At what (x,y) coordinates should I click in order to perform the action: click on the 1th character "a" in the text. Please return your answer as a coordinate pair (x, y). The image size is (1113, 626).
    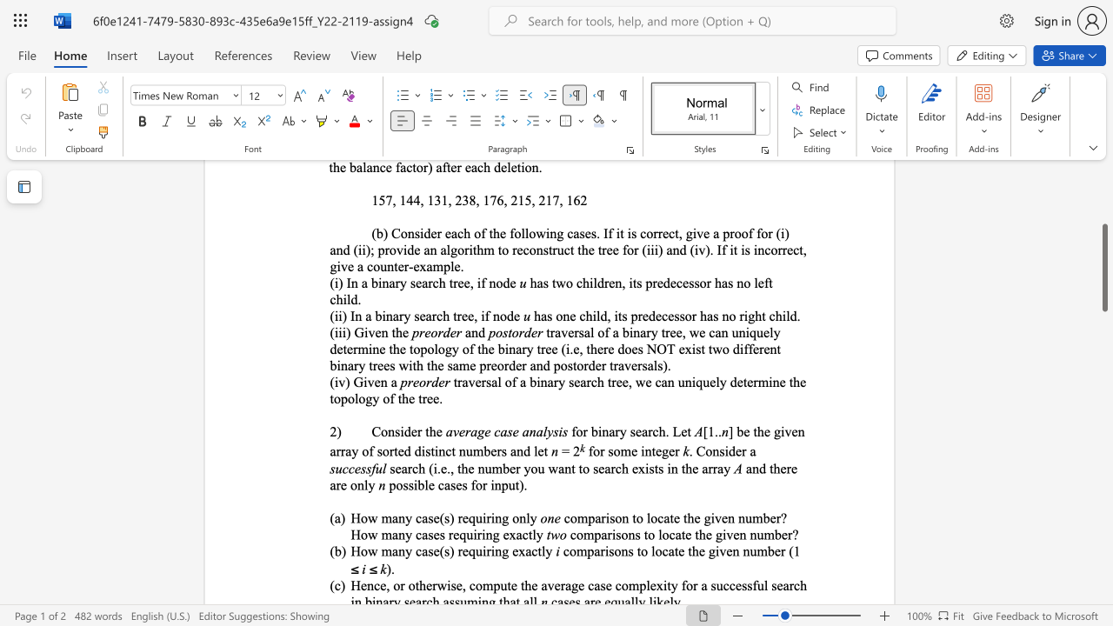
    Looking at the image, I should click on (393, 381).